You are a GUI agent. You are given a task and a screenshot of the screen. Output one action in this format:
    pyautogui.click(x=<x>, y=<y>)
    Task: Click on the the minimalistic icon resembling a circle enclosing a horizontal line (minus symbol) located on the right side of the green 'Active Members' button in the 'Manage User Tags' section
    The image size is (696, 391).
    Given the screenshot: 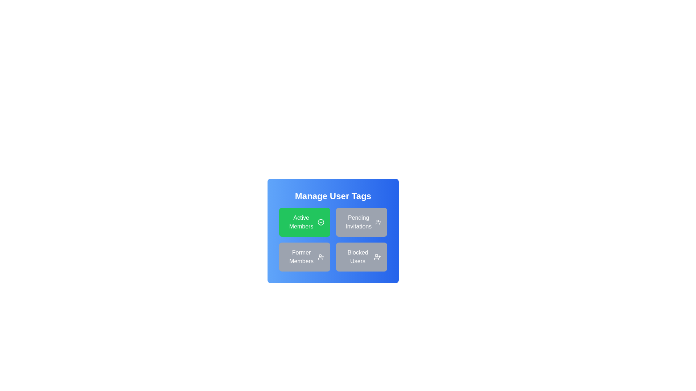 What is the action you would take?
    pyautogui.click(x=320, y=222)
    